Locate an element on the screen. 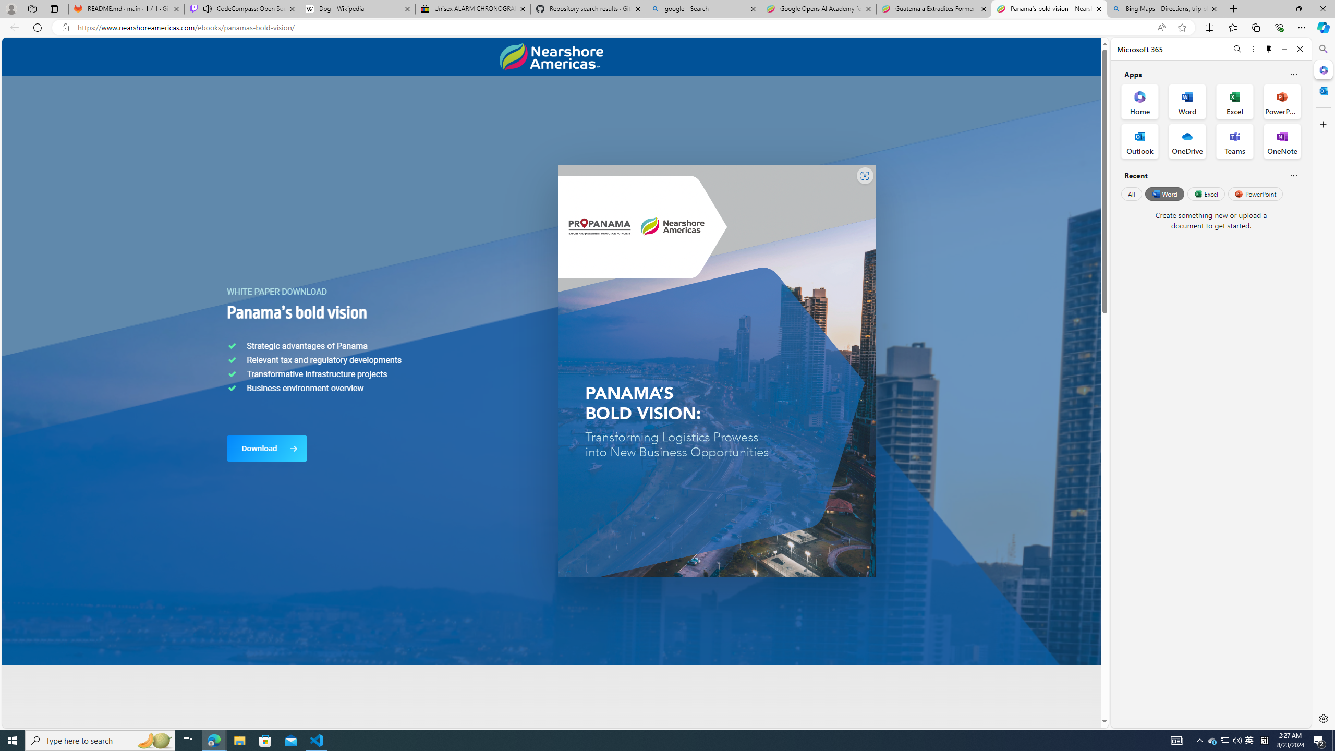 Image resolution: width=1335 pixels, height=751 pixels. 'PowerPoint' is located at coordinates (1255, 193).